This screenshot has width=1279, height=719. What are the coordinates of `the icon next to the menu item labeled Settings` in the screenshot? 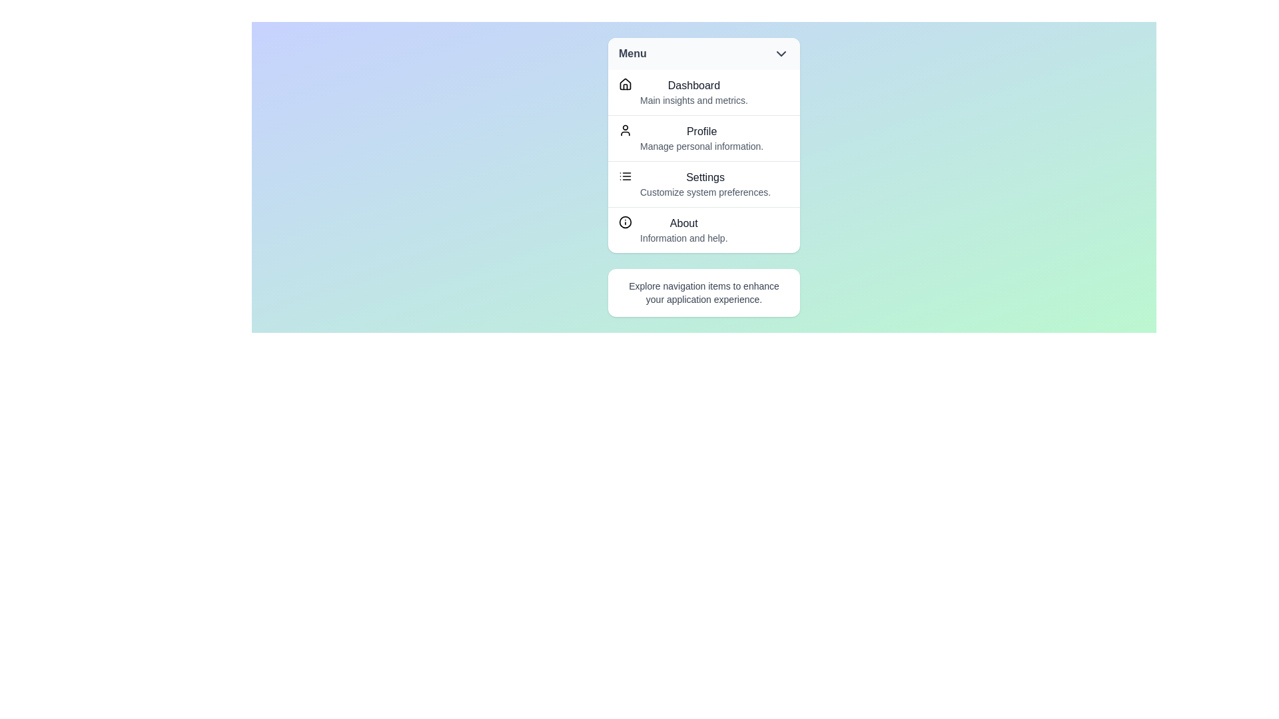 It's located at (625, 176).